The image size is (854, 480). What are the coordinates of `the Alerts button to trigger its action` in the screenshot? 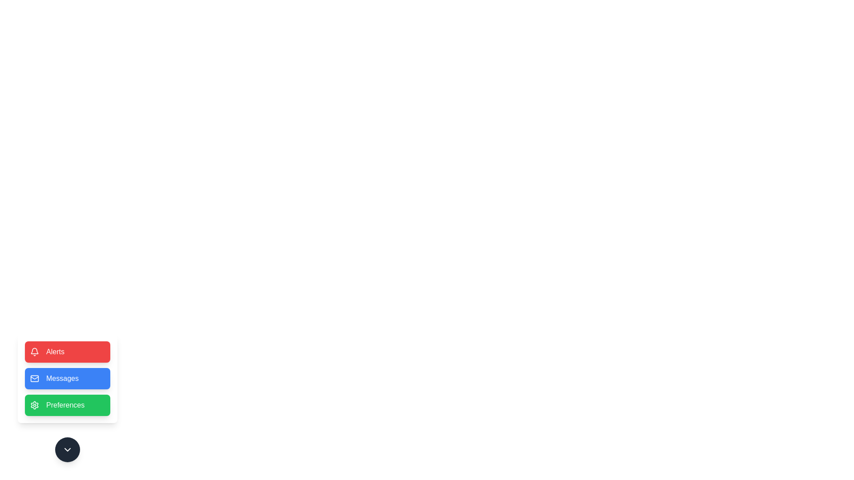 It's located at (67, 351).